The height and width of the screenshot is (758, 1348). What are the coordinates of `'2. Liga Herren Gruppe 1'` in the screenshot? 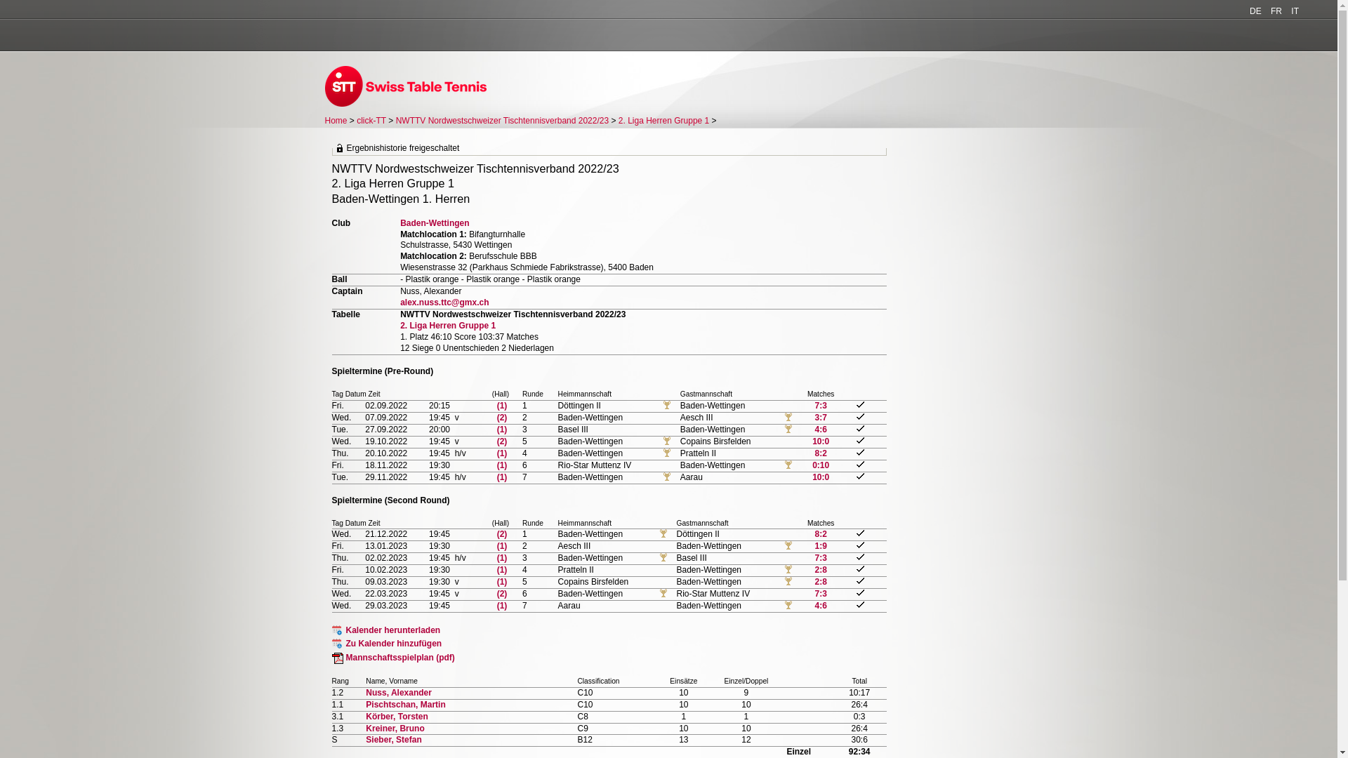 It's located at (663, 120).